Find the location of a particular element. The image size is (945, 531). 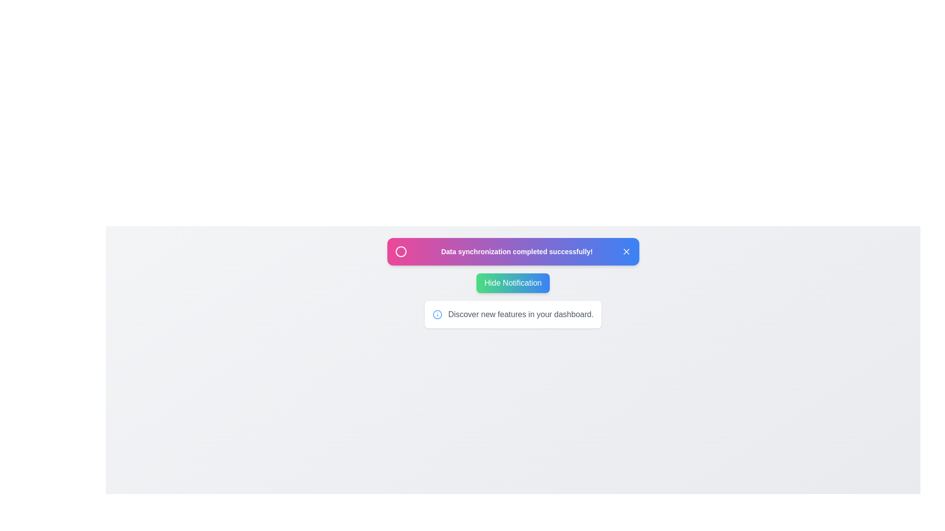

the button Close Notification to observe its hover effect is located at coordinates (626, 251).